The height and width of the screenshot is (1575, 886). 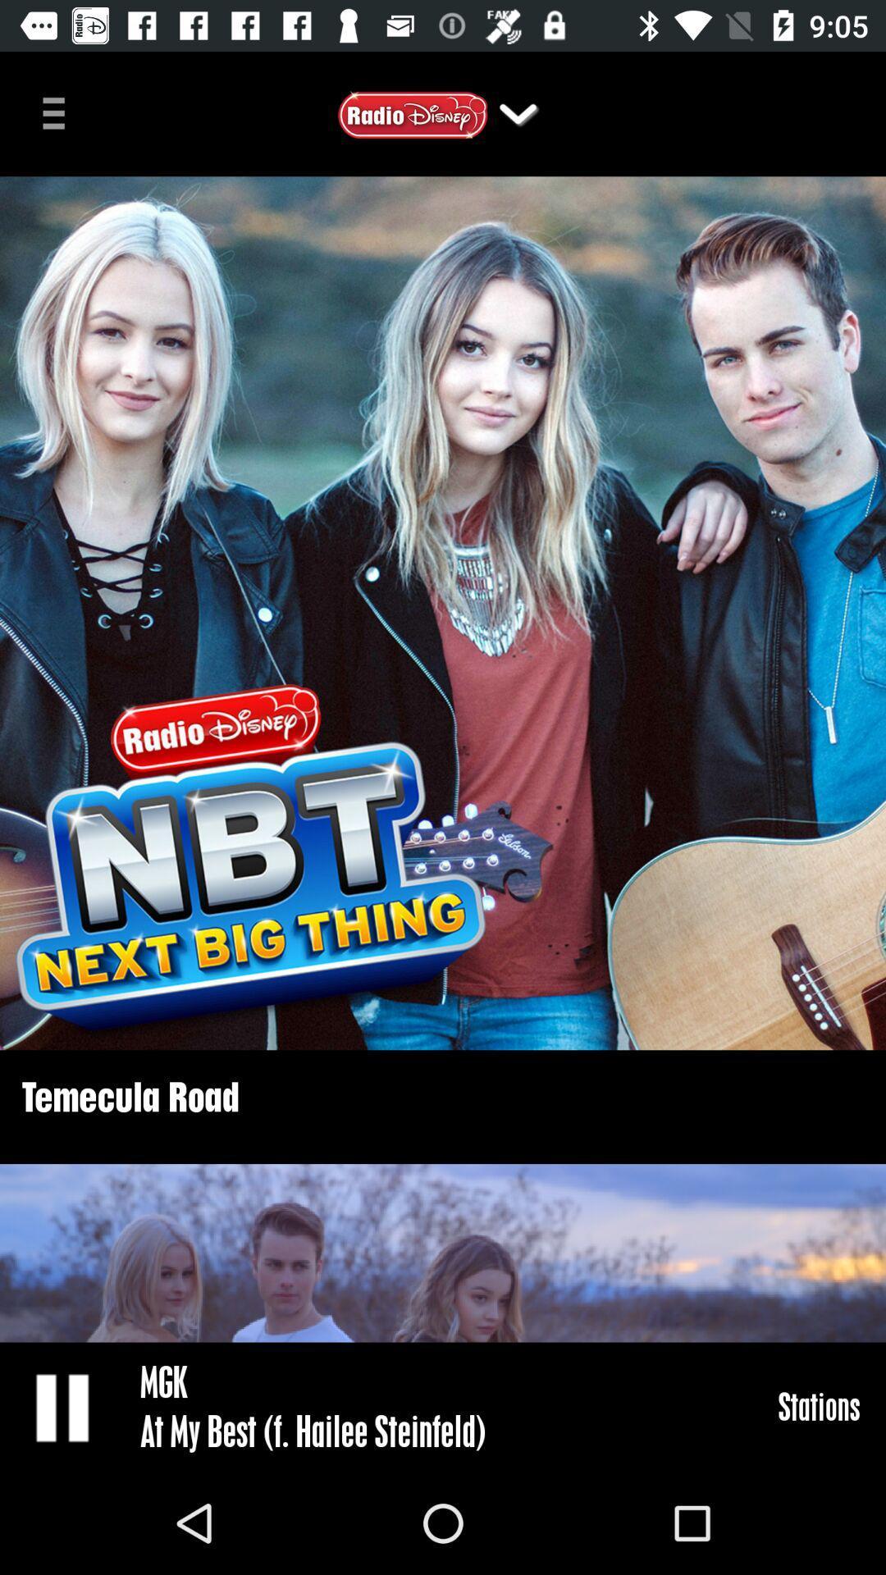 I want to click on the item at the center, so click(x=443, y=612).